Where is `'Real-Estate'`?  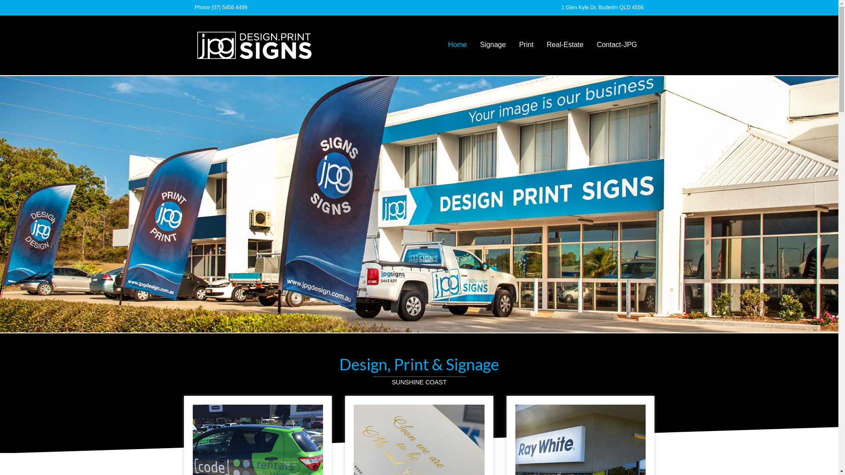
'Real-Estate' is located at coordinates (565, 44).